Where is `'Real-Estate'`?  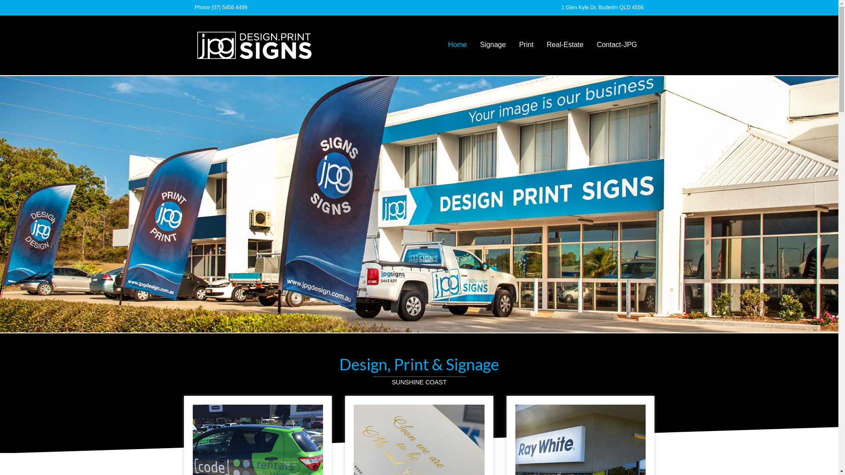
'Real-Estate' is located at coordinates (565, 44).